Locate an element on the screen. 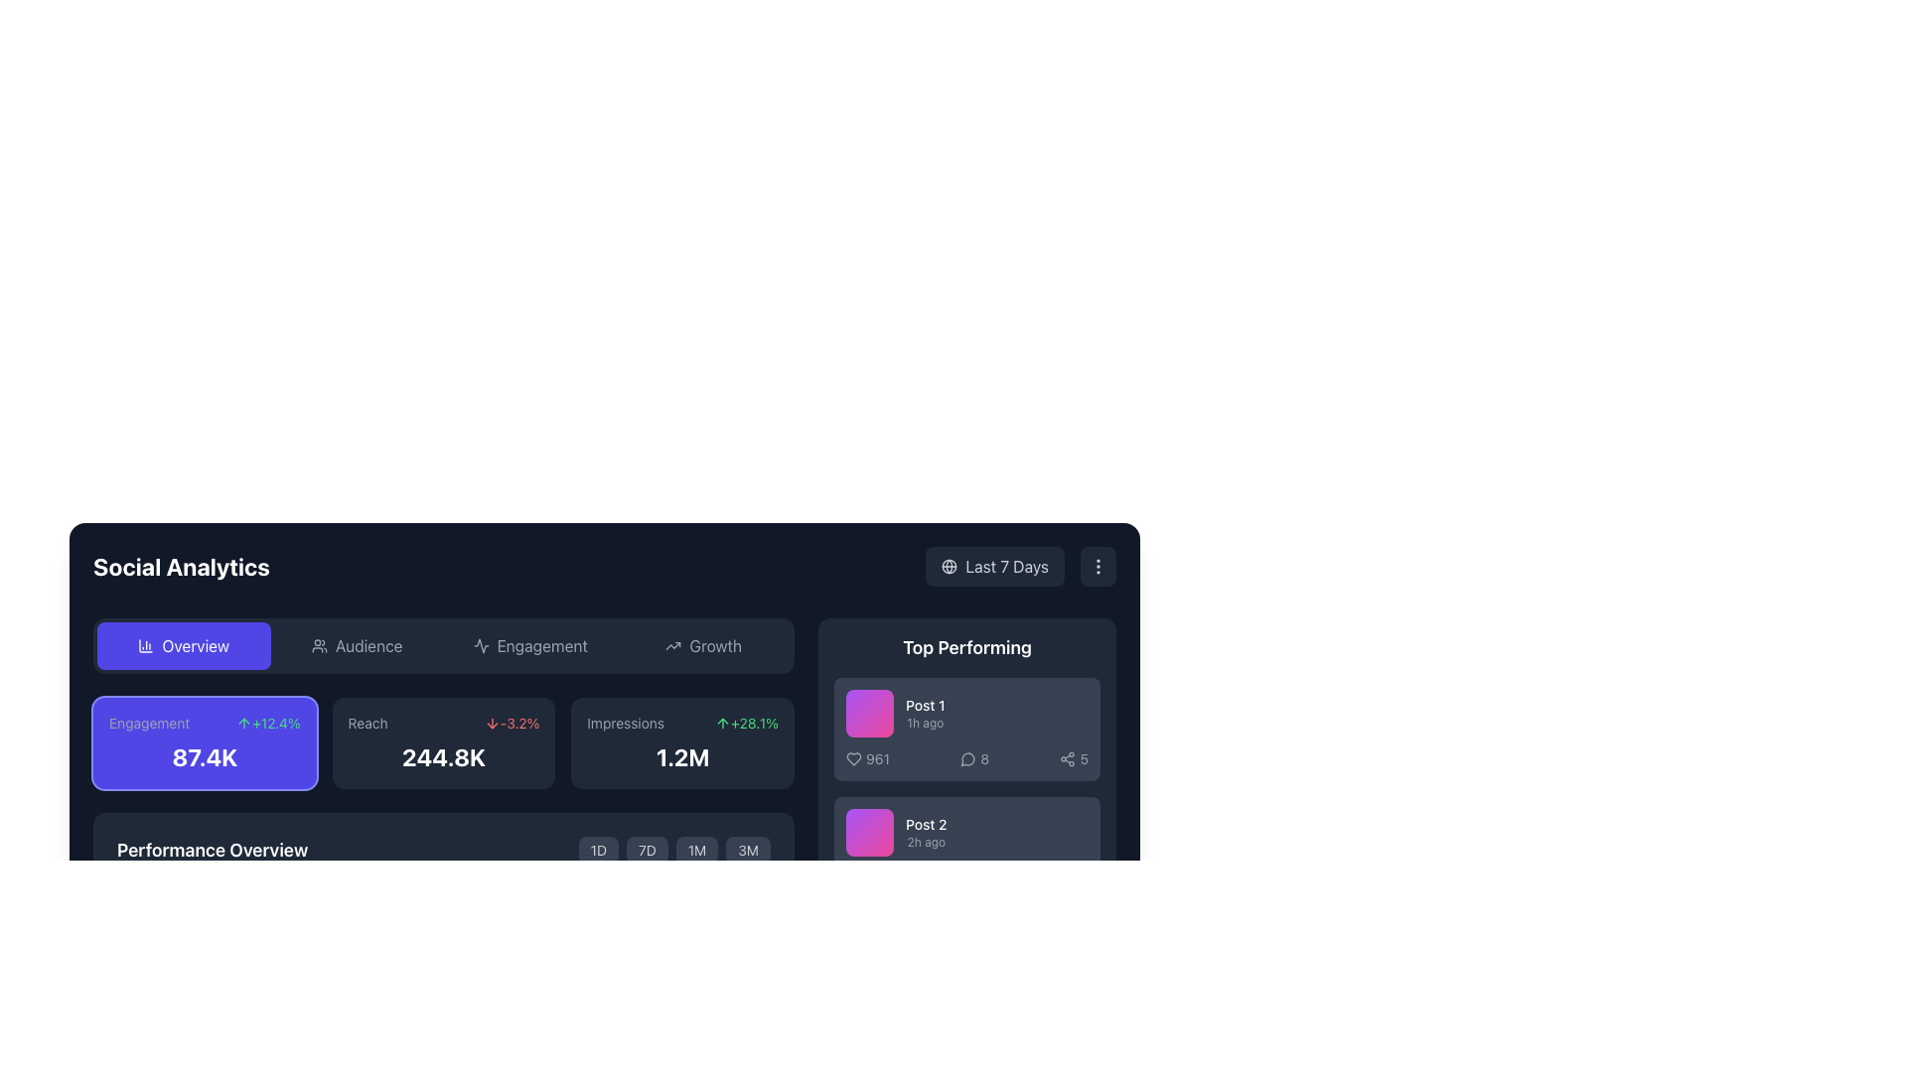  text label element displaying 'Post 1' in bold white font located in the 'Top Performing' section above '1h ago' is located at coordinates (924, 704).